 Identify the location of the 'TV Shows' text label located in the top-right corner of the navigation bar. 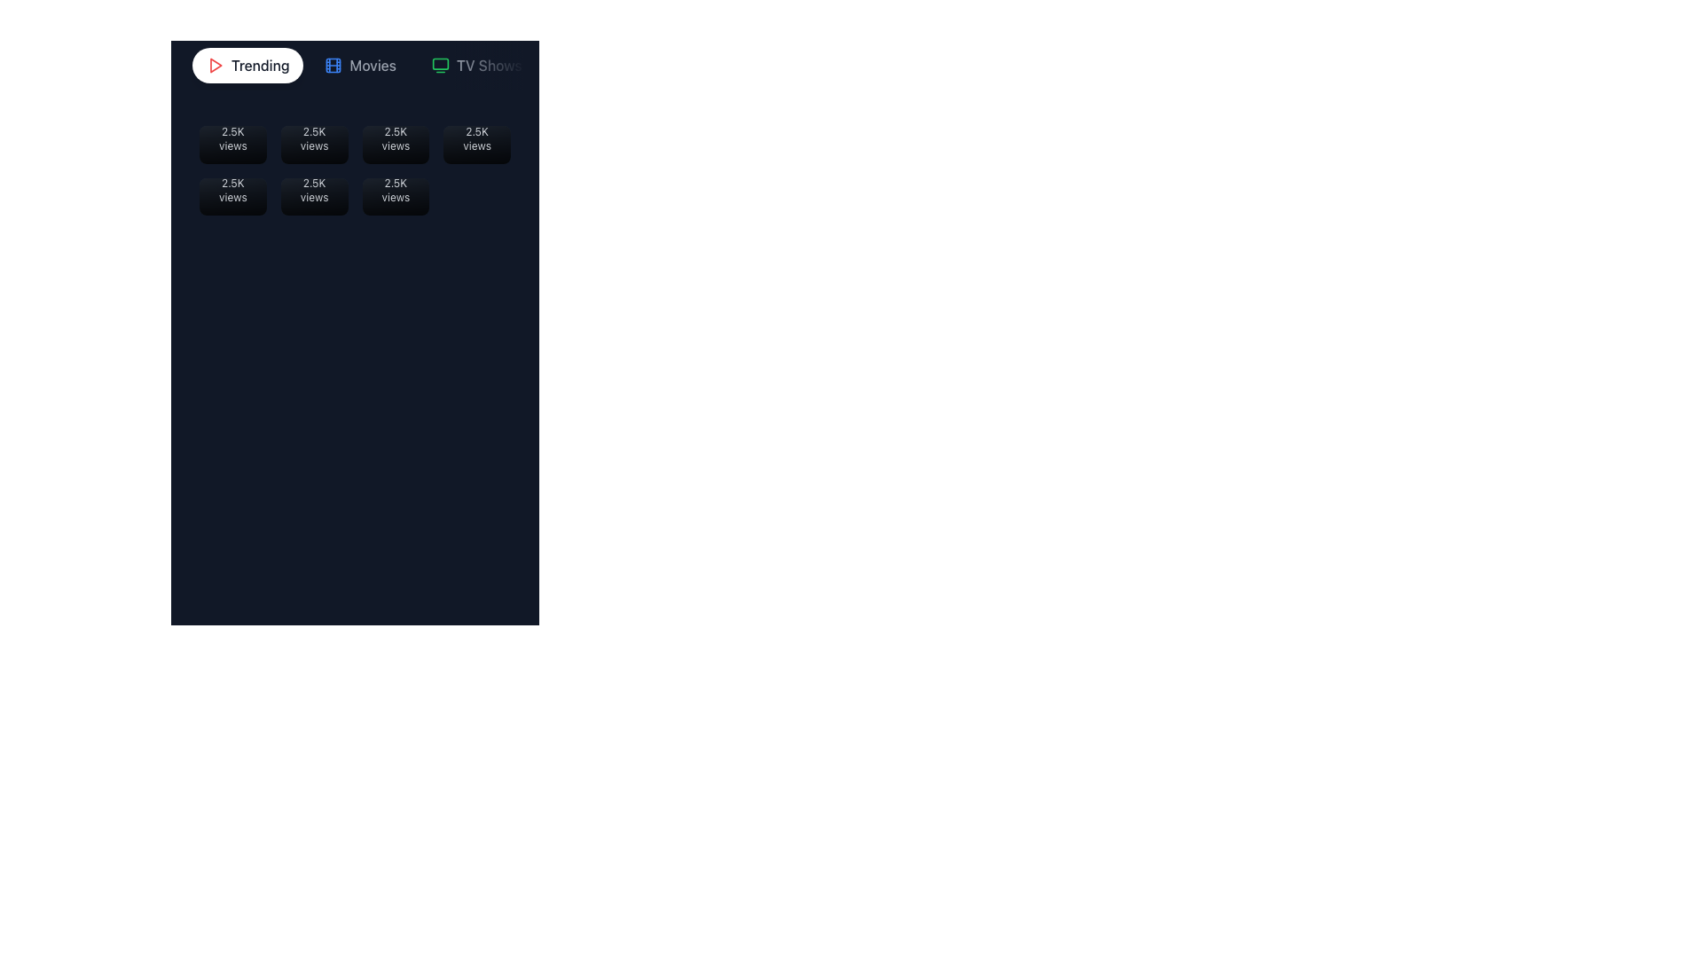
(489, 64).